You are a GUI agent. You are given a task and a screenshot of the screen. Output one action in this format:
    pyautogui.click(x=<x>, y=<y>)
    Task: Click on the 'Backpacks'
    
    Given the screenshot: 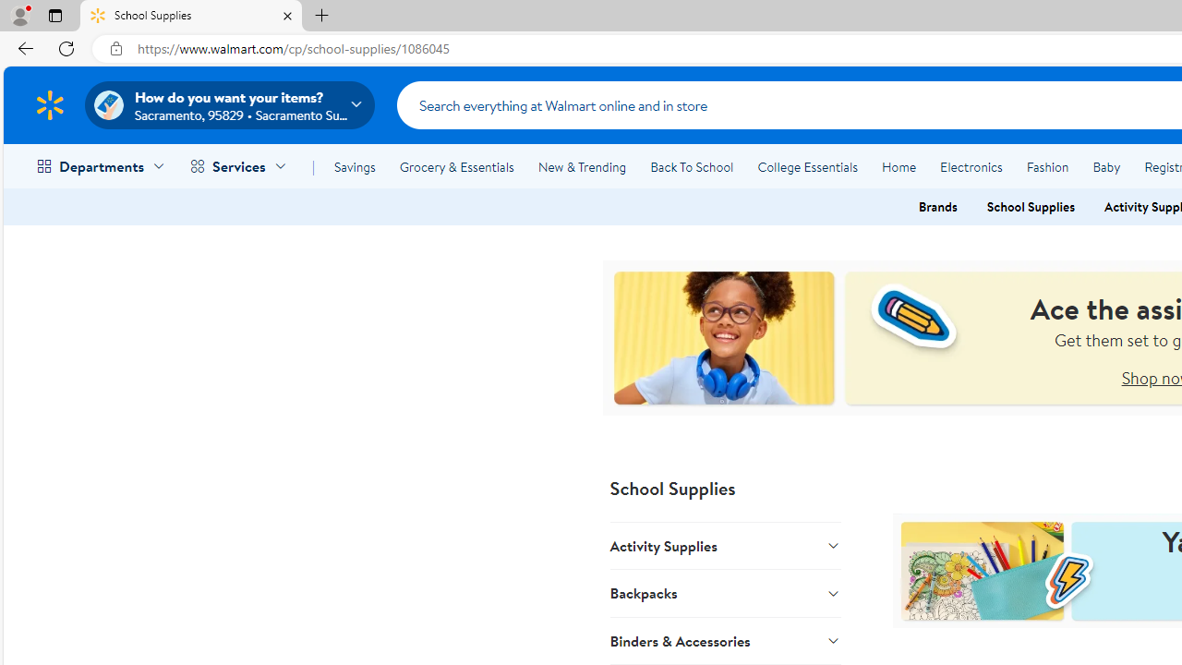 What is the action you would take?
    pyautogui.click(x=724, y=593)
    